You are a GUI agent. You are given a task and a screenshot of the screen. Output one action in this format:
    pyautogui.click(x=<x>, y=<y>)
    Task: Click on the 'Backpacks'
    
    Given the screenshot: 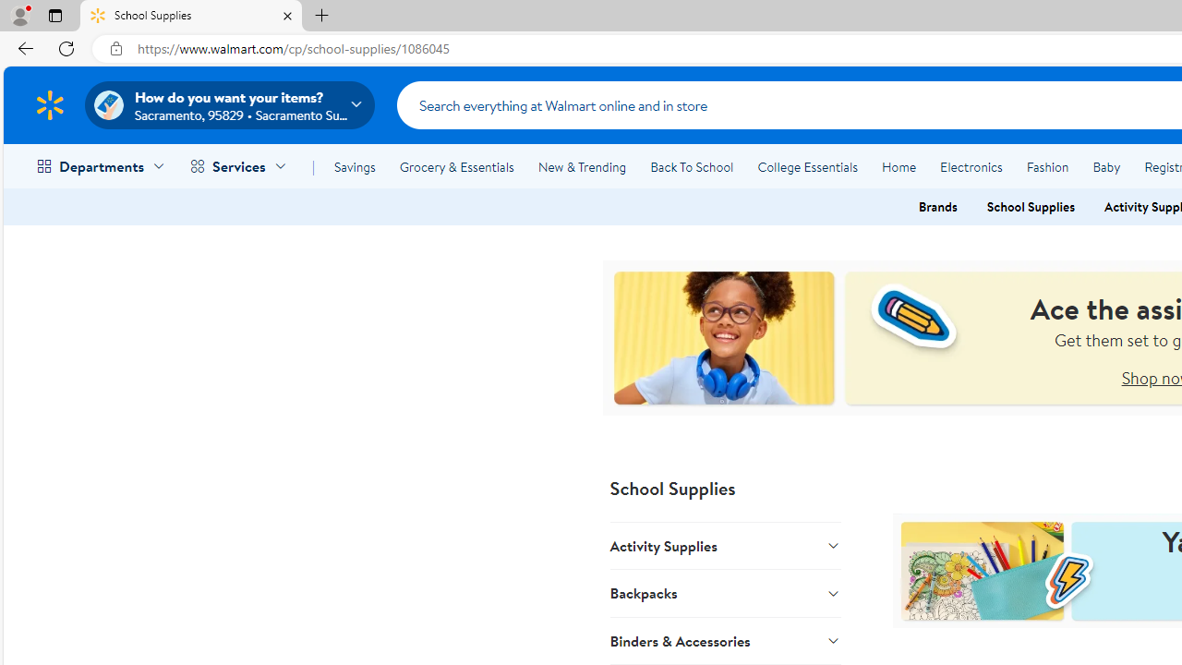 What is the action you would take?
    pyautogui.click(x=724, y=593)
    